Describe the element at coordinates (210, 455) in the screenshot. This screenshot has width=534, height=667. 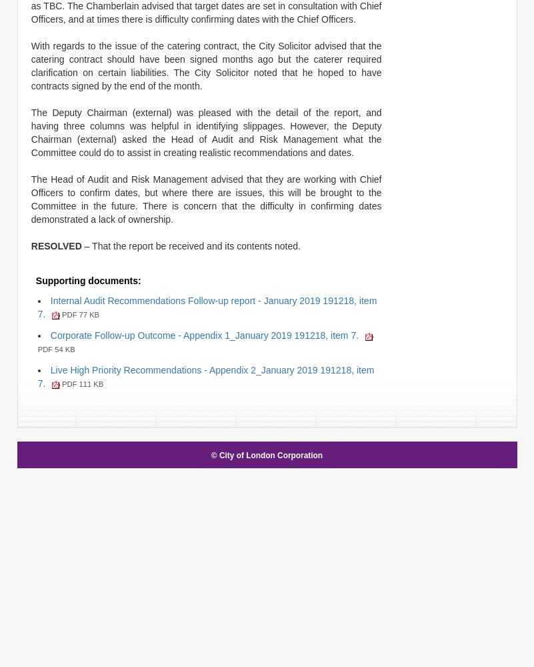
I see `'© City of London Corporation'` at that location.